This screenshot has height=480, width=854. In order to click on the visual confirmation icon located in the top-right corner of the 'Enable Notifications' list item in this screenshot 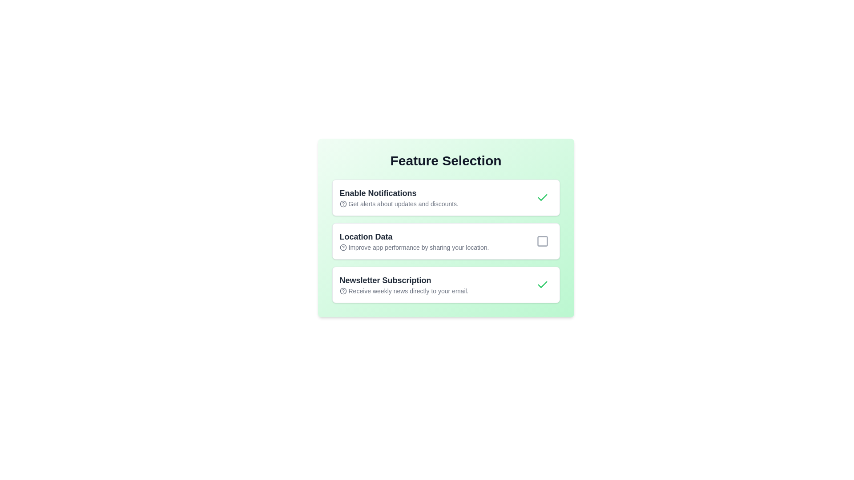, I will do `click(542, 197)`.